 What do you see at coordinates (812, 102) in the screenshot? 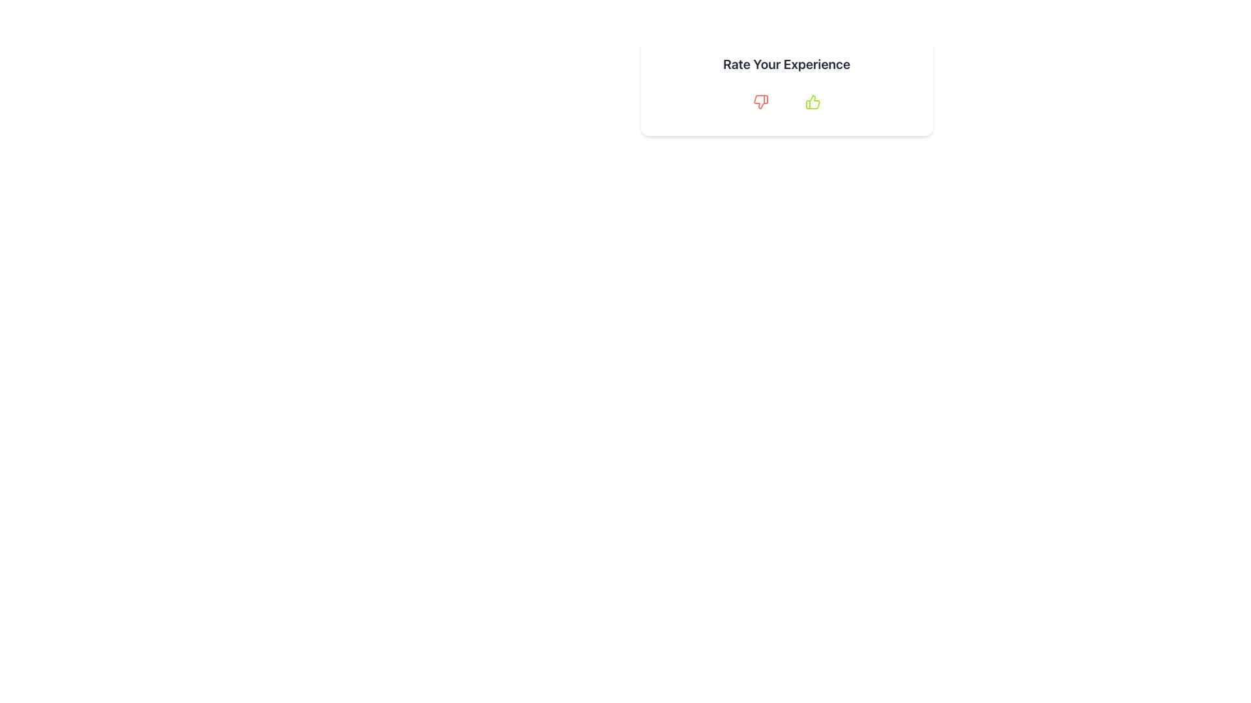
I see `the third button from the left in the 'Rate Your Experience' section to provide positive feedback, represented by a thumbs-up icon` at bounding box center [812, 102].